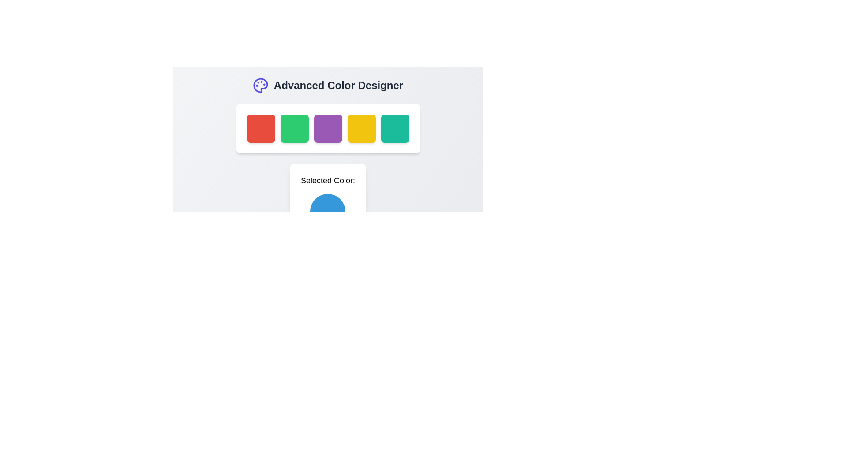  I want to click on the painter's palette icon, which is indigo in color and located to the left of the 'Advanced Color Designer' heading, so click(260, 85).